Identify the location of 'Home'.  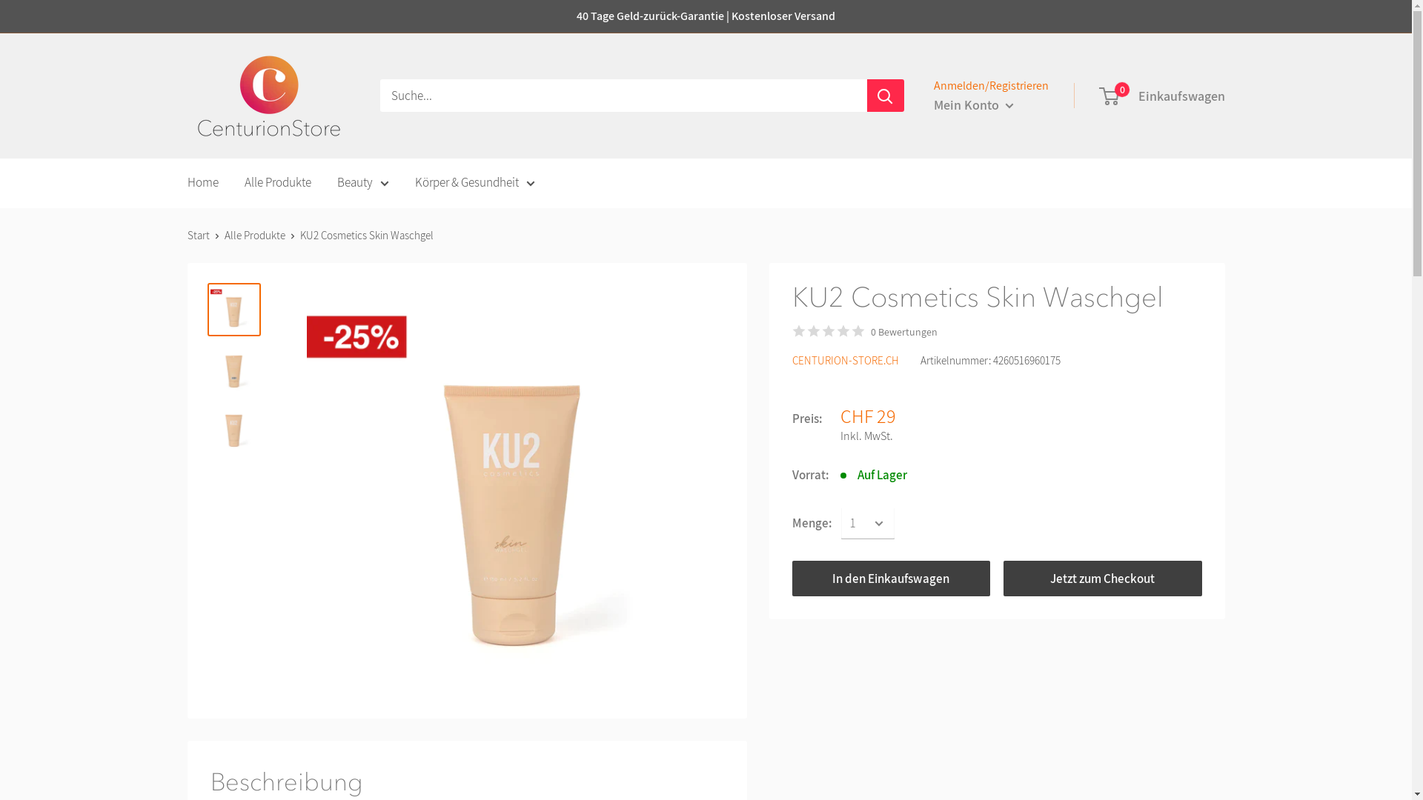
(202, 181).